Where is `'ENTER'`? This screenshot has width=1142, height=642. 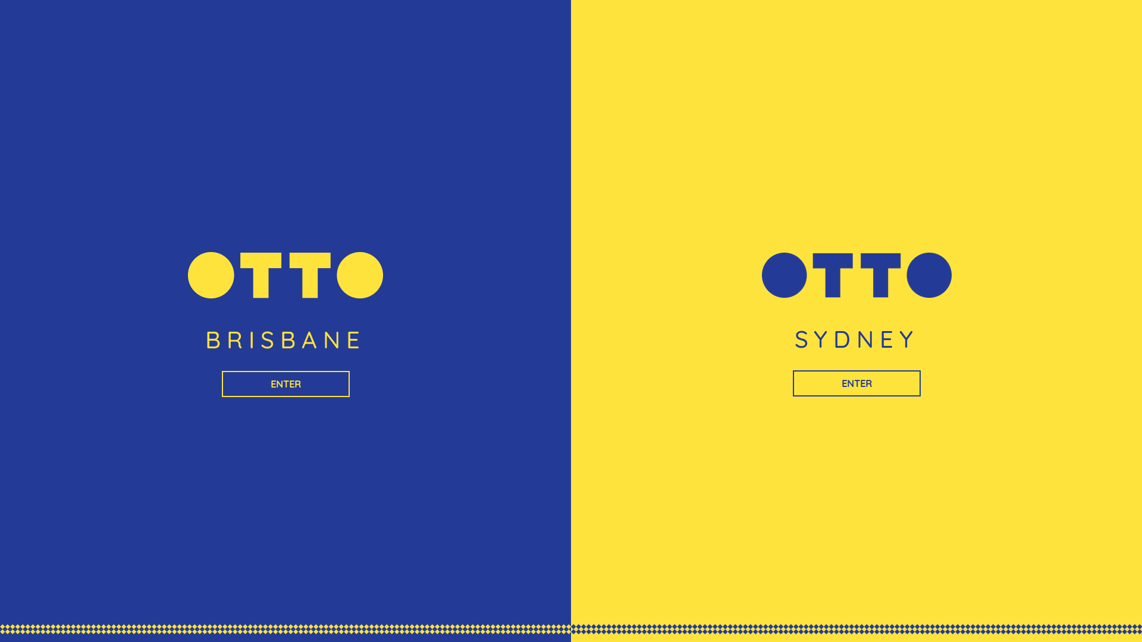 'ENTER' is located at coordinates (284, 383).